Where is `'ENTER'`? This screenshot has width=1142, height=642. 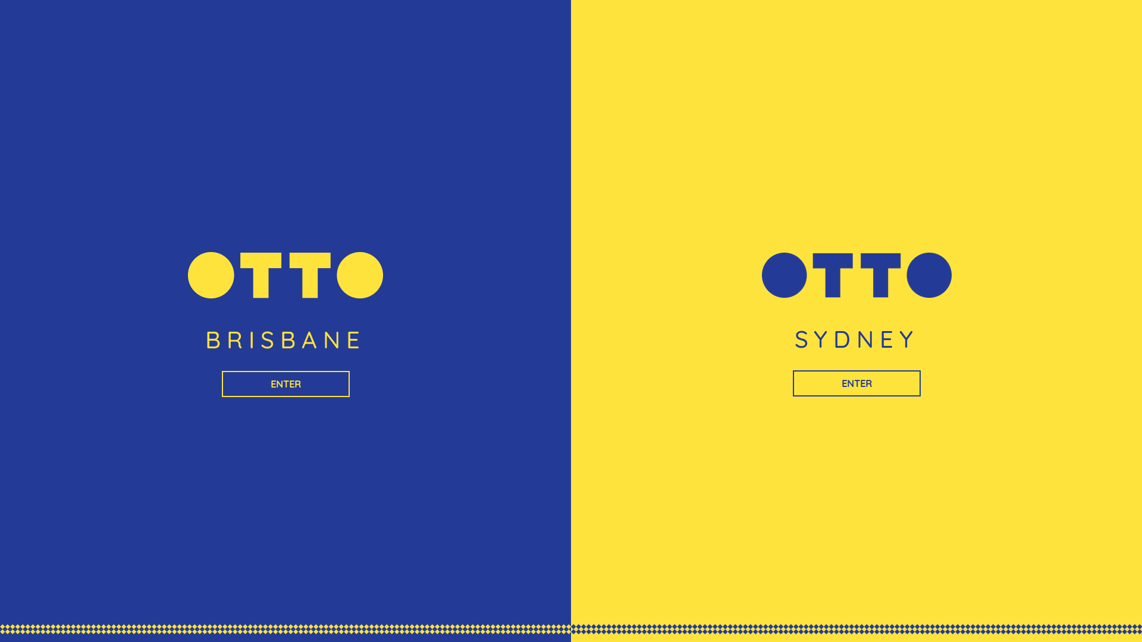 'ENTER' is located at coordinates (284, 383).